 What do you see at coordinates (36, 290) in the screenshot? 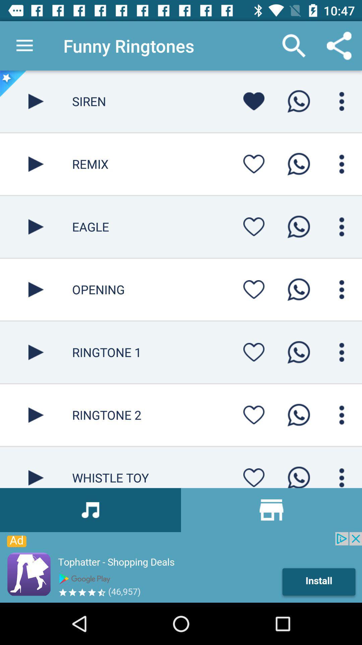
I see `music` at bounding box center [36, 290].